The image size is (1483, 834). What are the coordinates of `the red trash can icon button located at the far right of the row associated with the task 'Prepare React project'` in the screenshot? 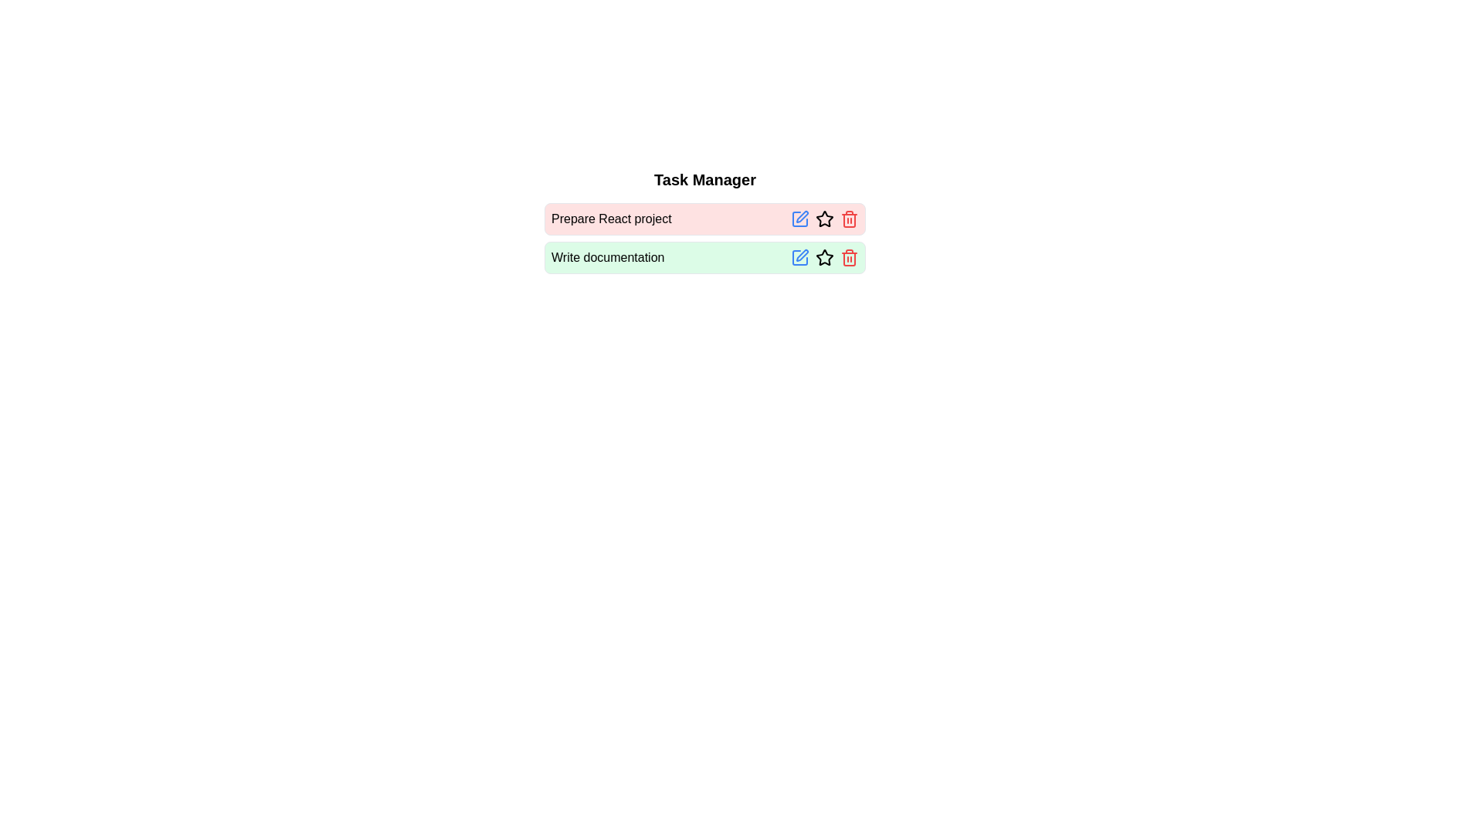 It's located at (848, 219).